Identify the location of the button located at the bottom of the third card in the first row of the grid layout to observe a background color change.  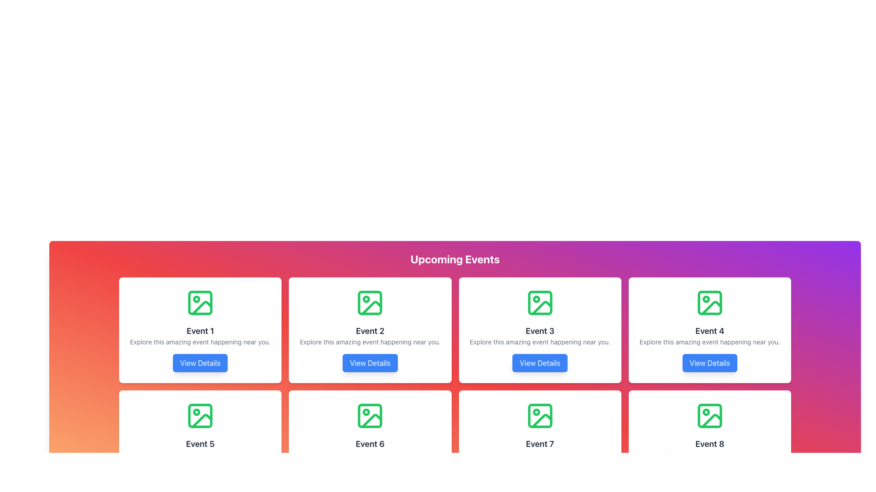
(540, 363).